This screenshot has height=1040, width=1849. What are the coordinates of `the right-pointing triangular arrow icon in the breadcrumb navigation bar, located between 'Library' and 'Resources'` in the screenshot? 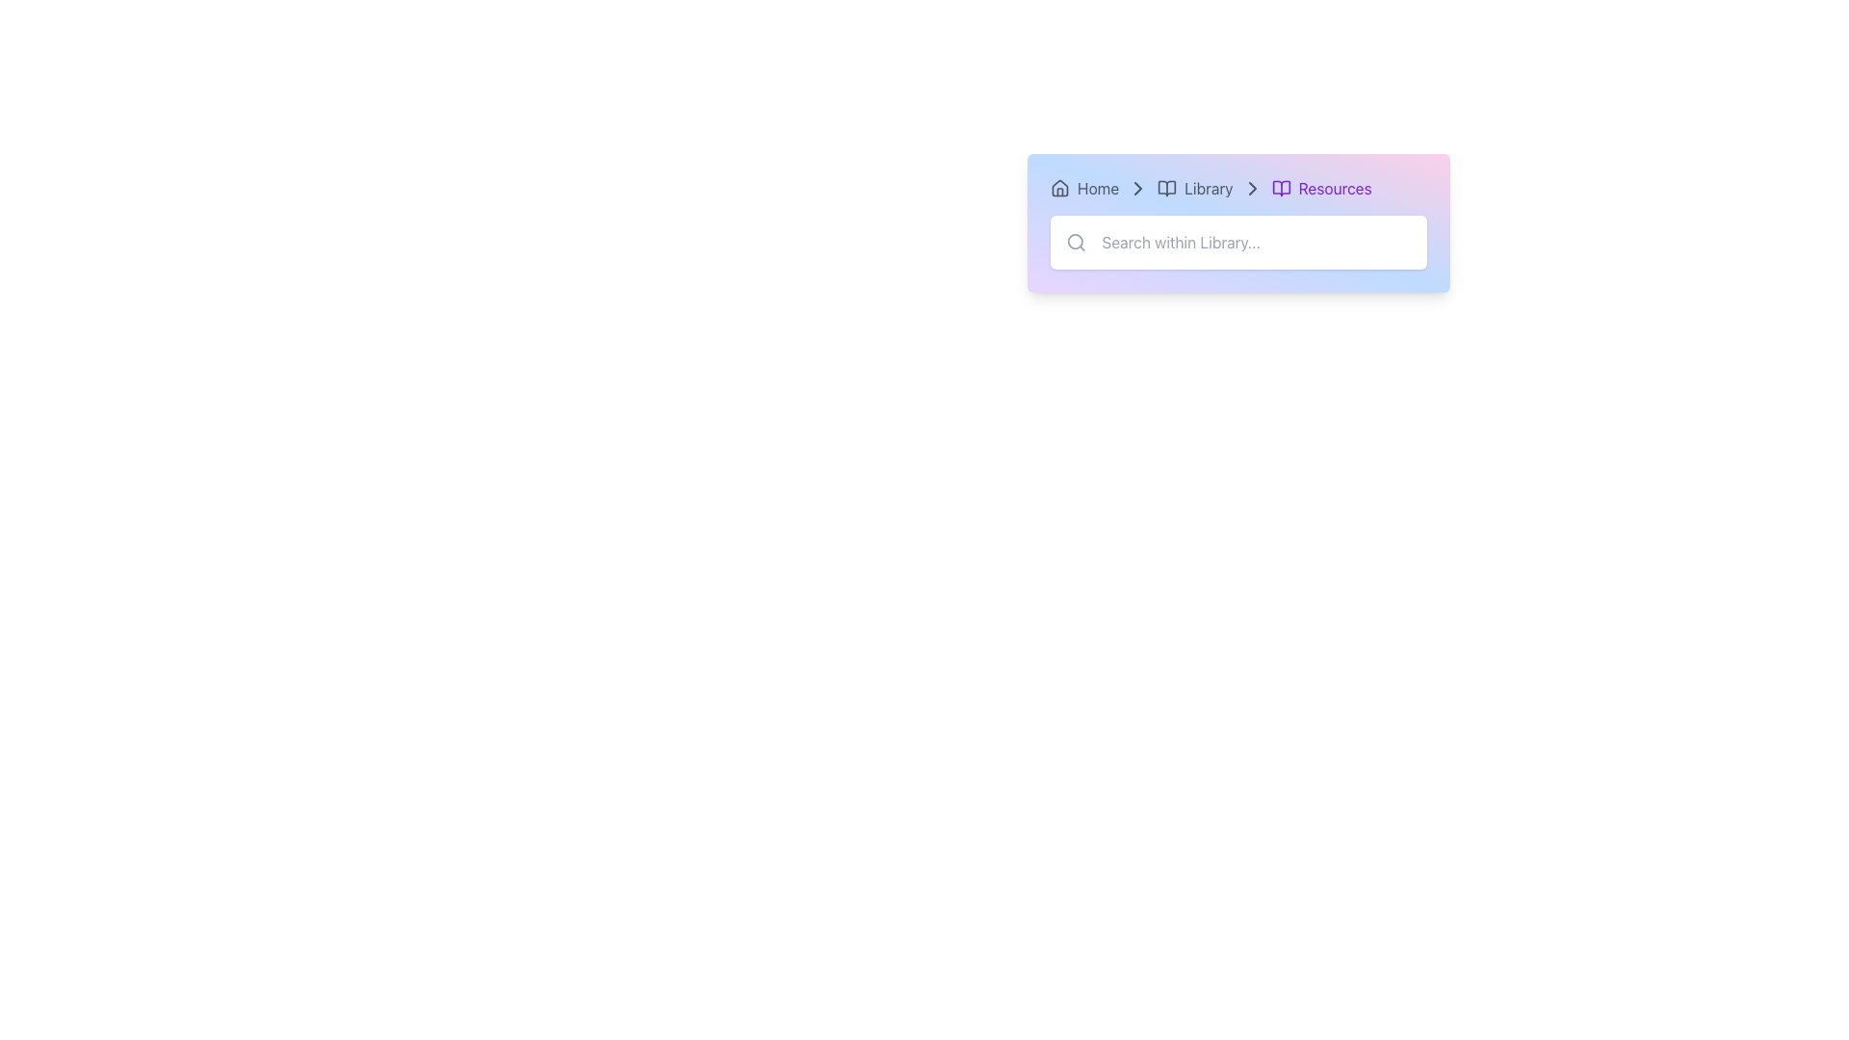 It's located at (1138, 189).